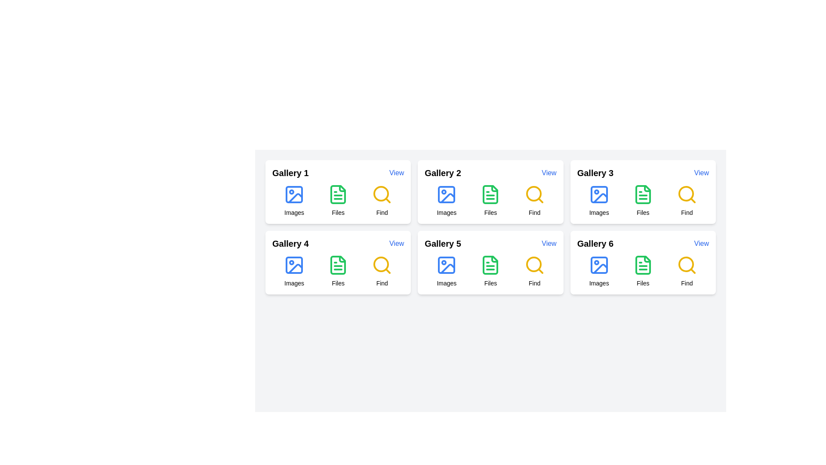 This screenshot has height=465, width=826. Describe the element at coordinates (447, 194) in the screenshot. I see `the 'Images' icon located in the 'Gallery 2' card` at that location.